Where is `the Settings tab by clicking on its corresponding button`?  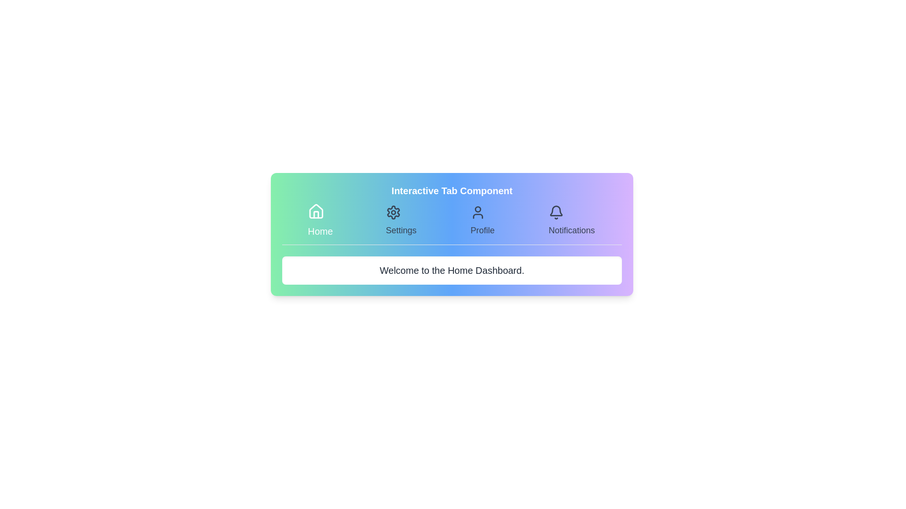 the Settings tab by clicking on its corresponding button is located at coordinates (401, 221).